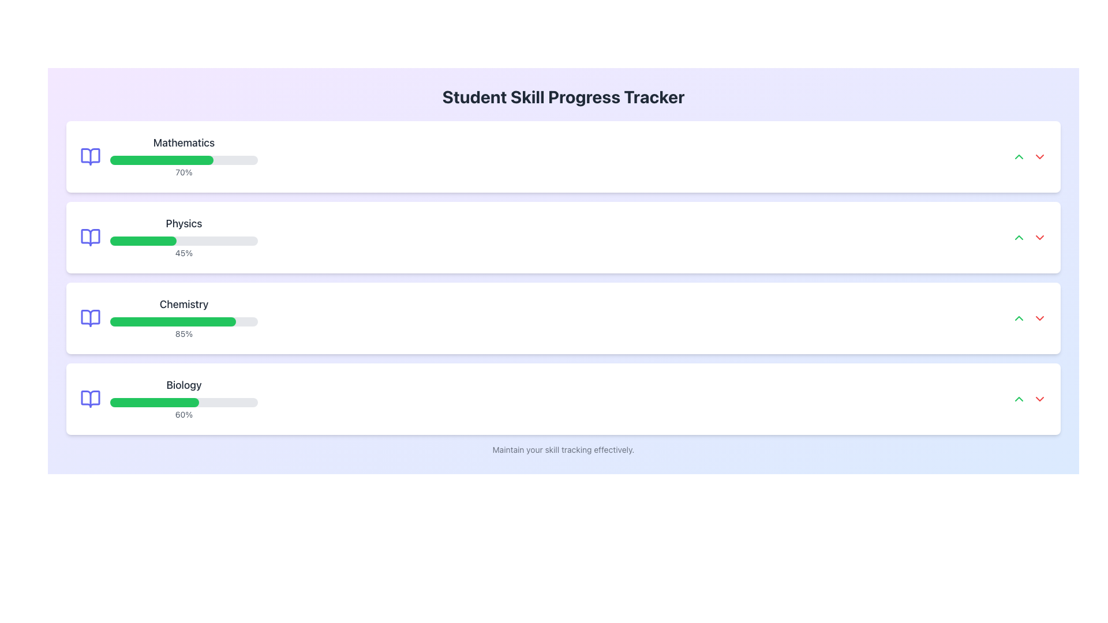 The width and height of the screenshot is (1108, 623). Describe the element at coordinates (1039, 318) in the screenshot. I see `the toggle button located in the 'Biology' section, which is the second icon to the right in the horizontal row of controls, adjacent to a green upwards-facing arrow icon` at that location.